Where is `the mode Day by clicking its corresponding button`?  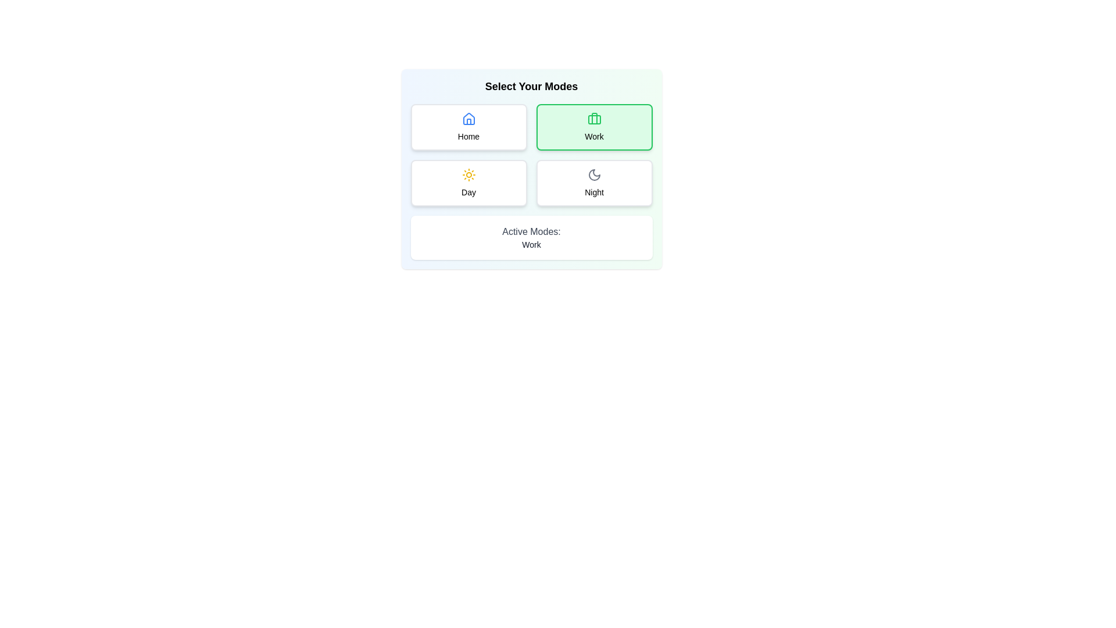 the mode Day by clicking its corresponding button is located at coordinates (468, 183).